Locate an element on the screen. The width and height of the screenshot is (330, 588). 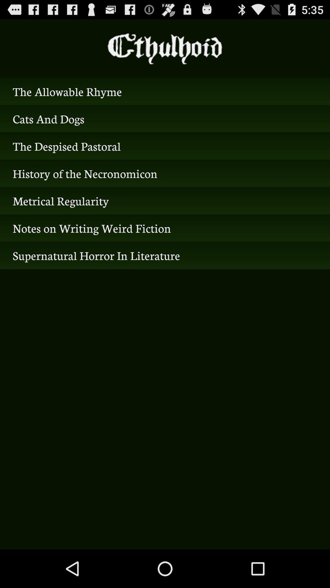
the allowable rhyme icon is located at coordinates (165, 91).